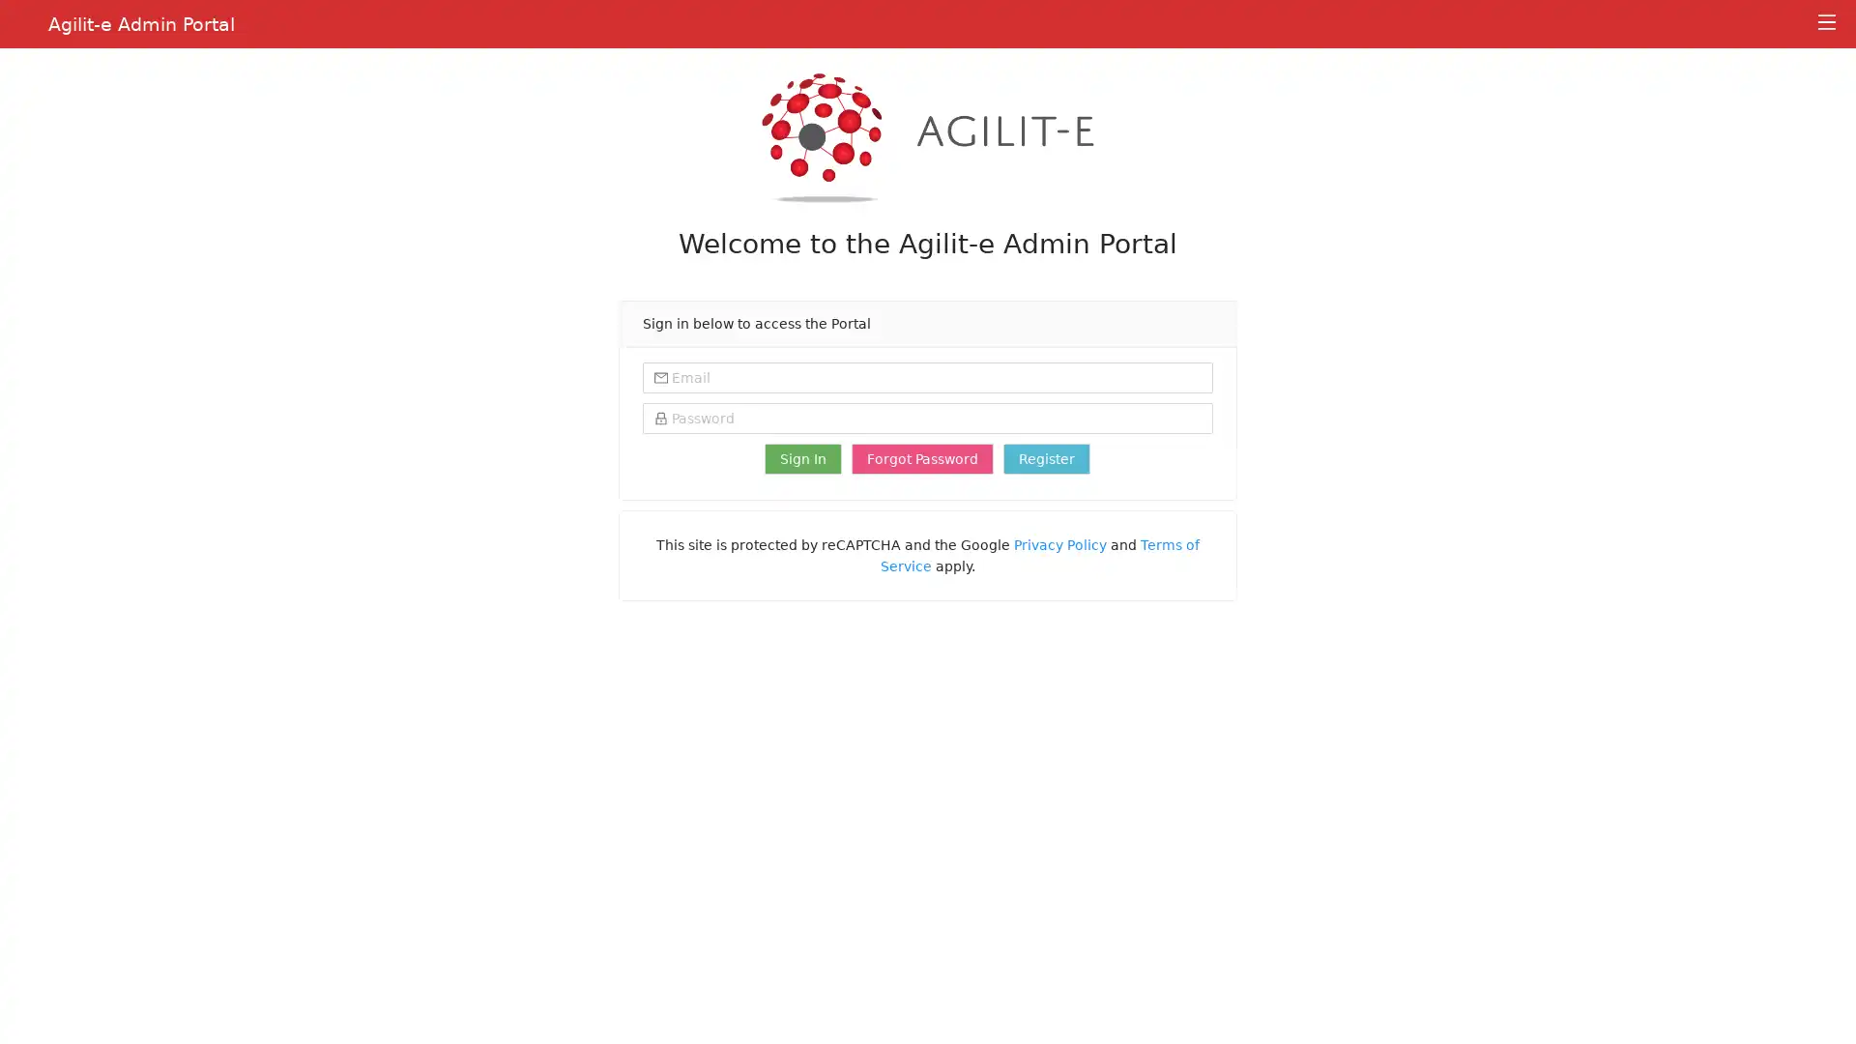 The width and height of the screenshot is (1856, 1044). Describe the element at coordinates (1046, 458) in the screenshot. I see `Register` at that location.